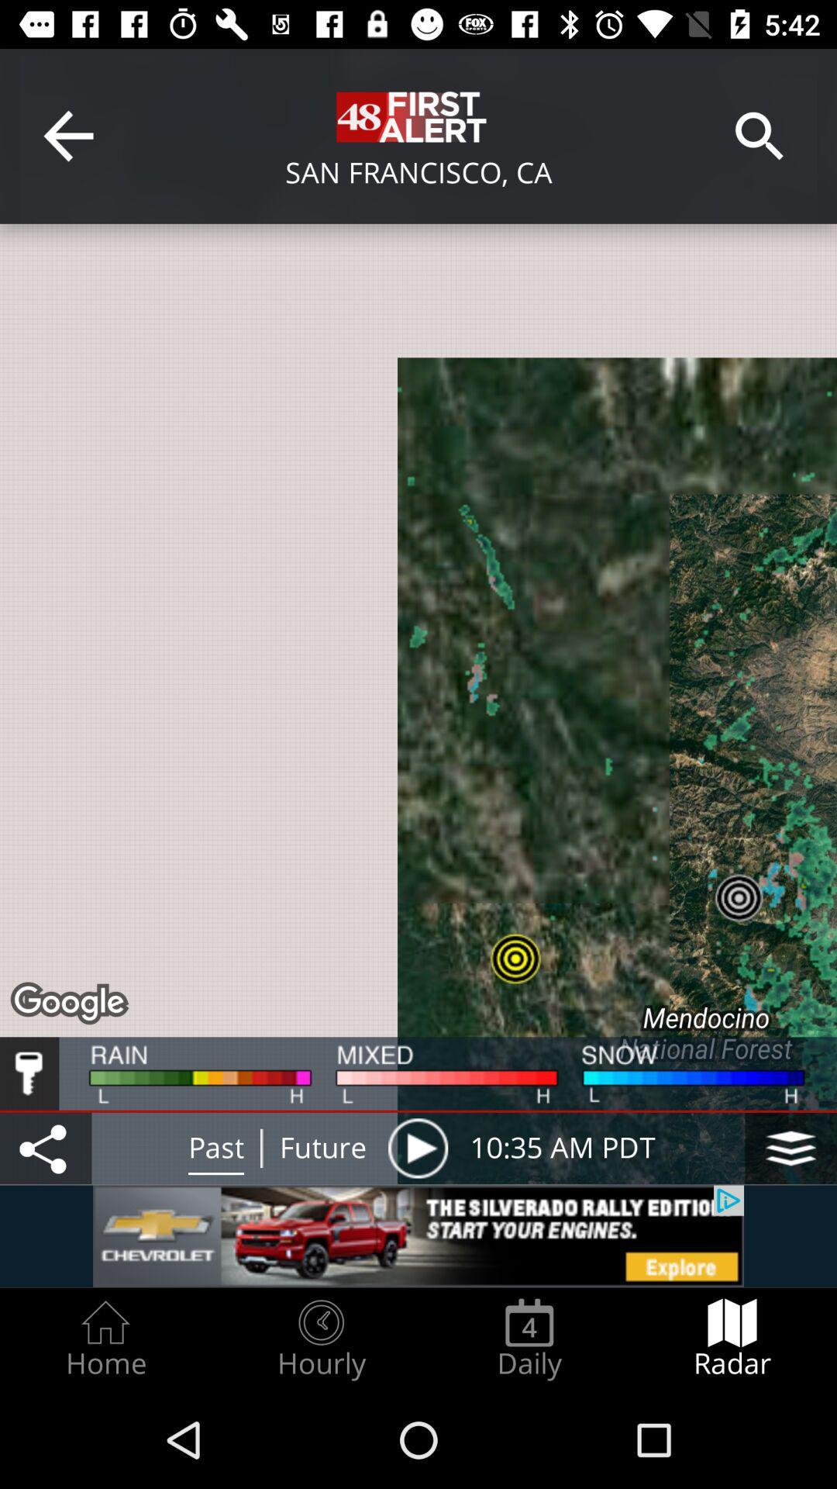 The image size is (837, 1489). Describe the element at coordinates (417, 1148) in the screenshot. I see `the item next to 10 35 am` at that location.